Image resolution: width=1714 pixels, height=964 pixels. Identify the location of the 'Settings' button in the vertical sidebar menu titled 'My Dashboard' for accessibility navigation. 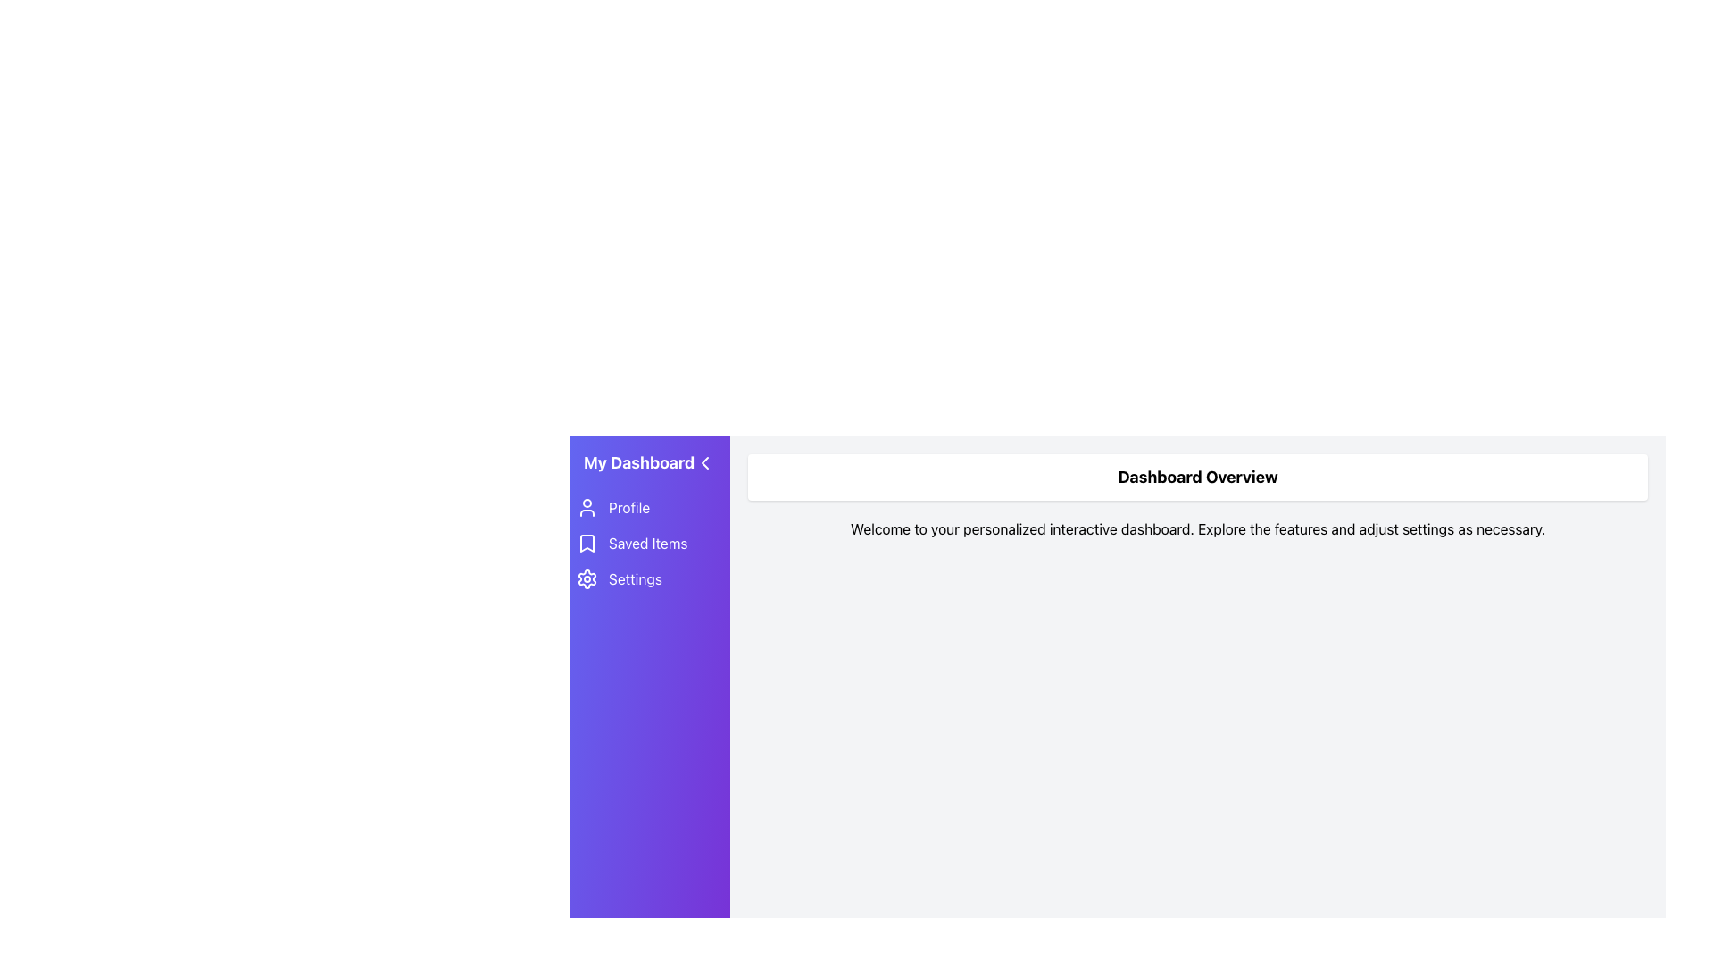
(649, 578).